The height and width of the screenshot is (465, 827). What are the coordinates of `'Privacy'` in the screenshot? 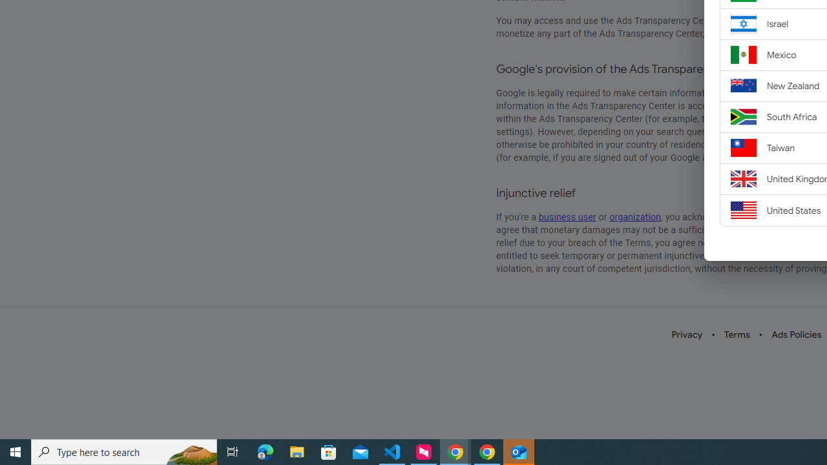 It's located at (686, 334).